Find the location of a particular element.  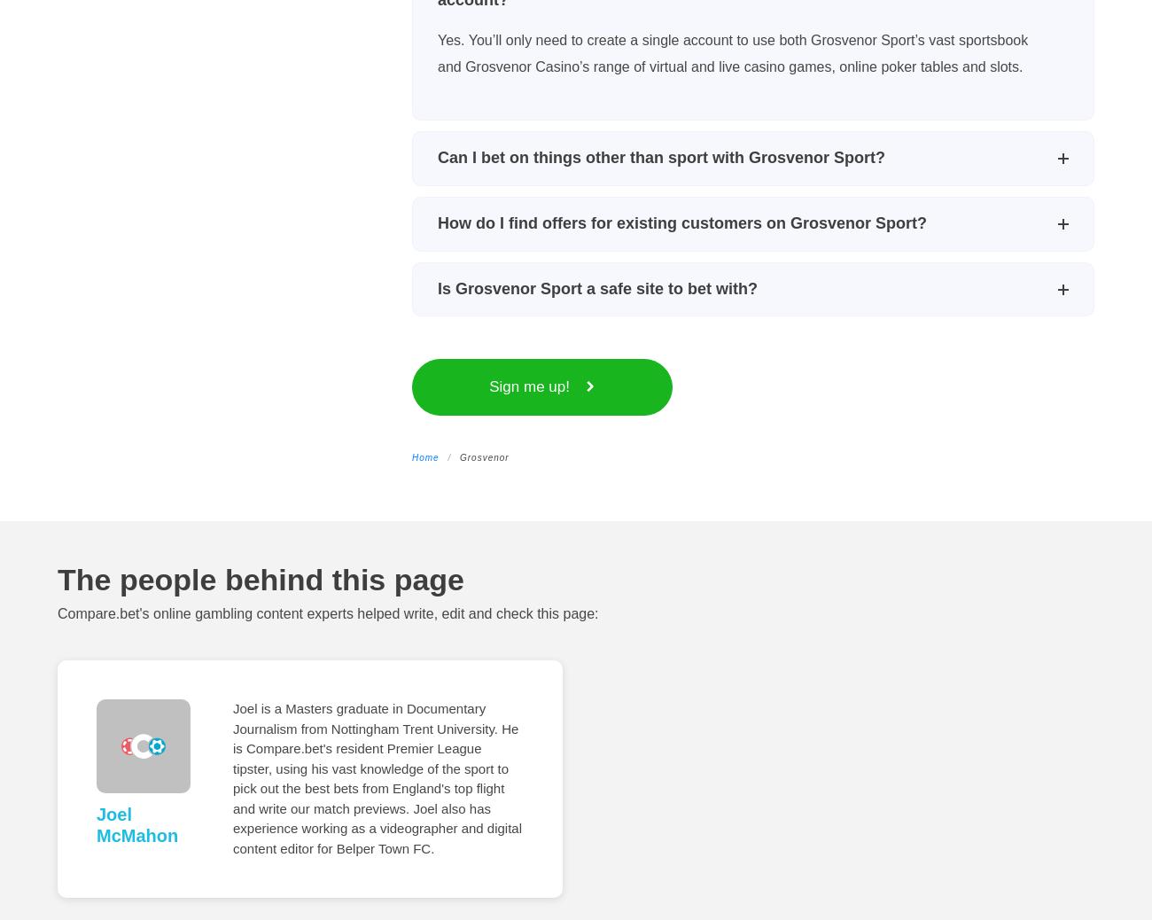

'Compare.bet's online gambling content experts helped write, edit and check this page:' is located at coordinates (326, 612).